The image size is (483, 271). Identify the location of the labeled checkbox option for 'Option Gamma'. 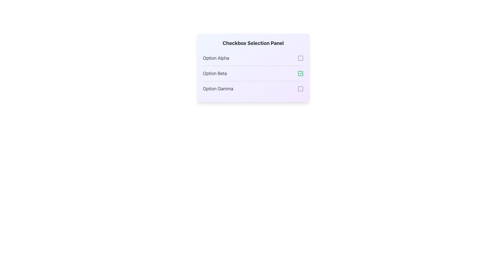
(253, 88).